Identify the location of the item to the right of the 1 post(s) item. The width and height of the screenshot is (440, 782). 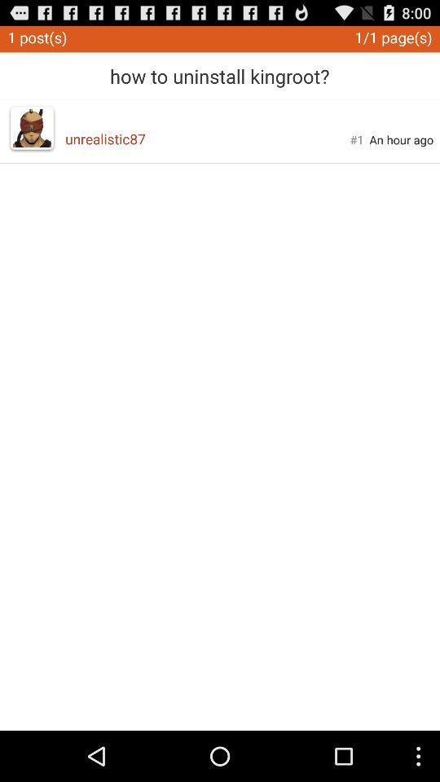
(219, 70).